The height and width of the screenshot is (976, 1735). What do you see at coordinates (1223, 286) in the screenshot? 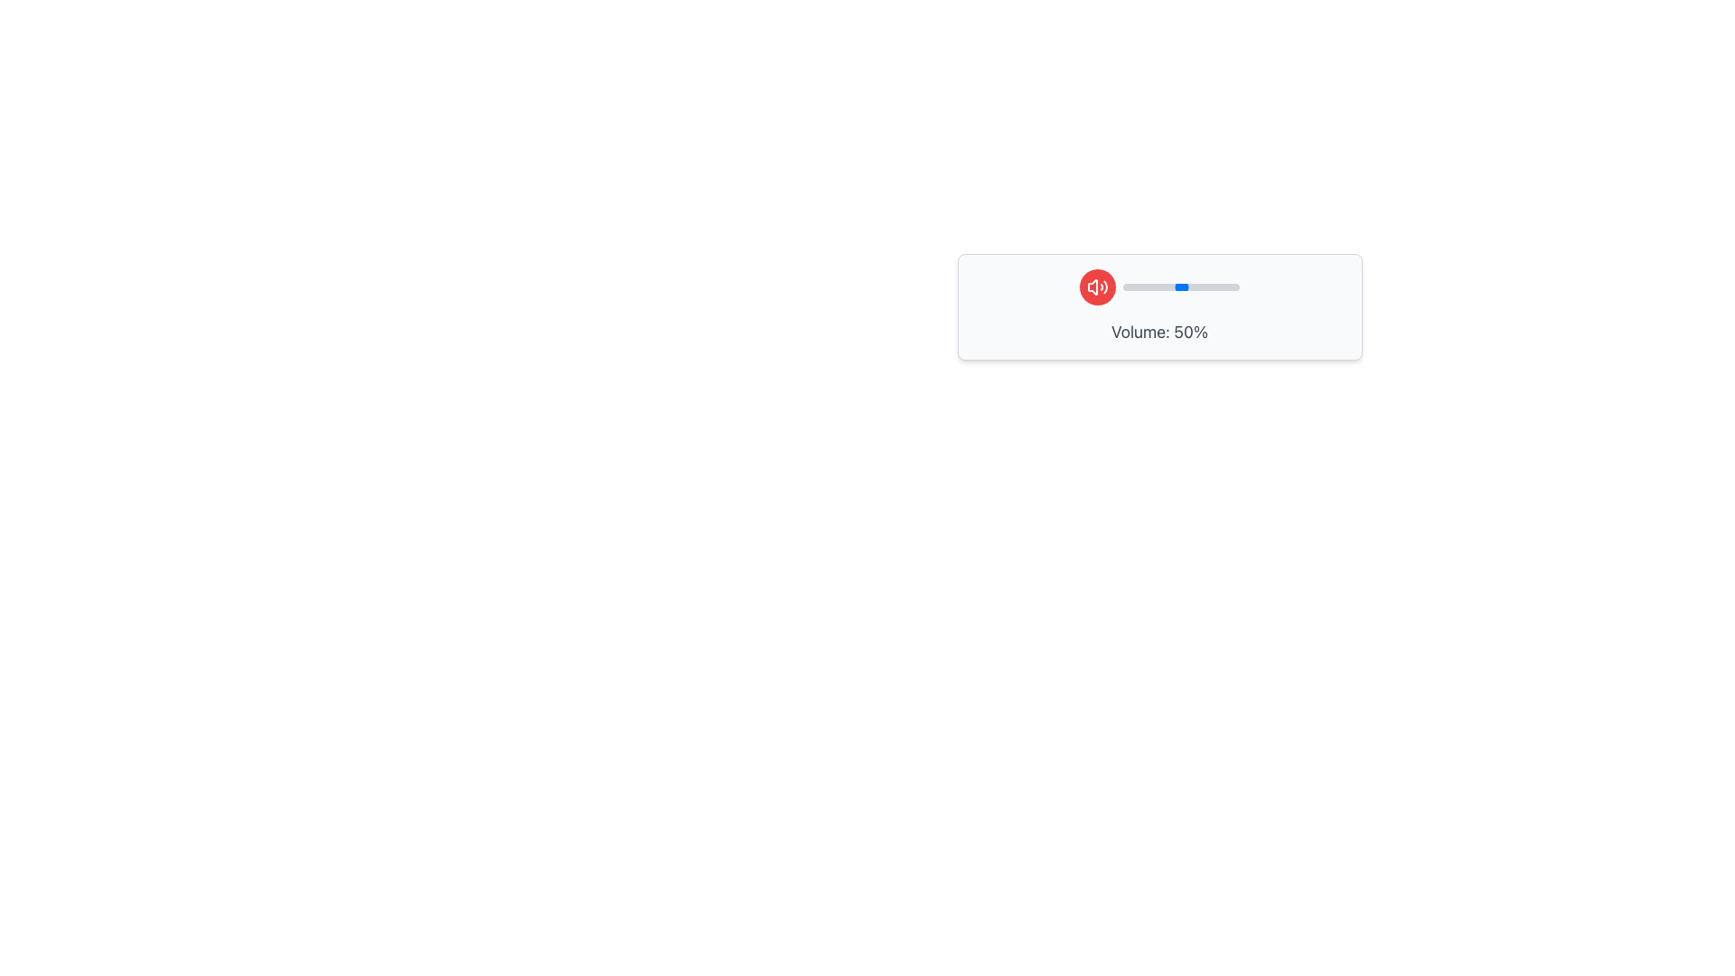
I see `volume` at bounding box center [1223, 286].